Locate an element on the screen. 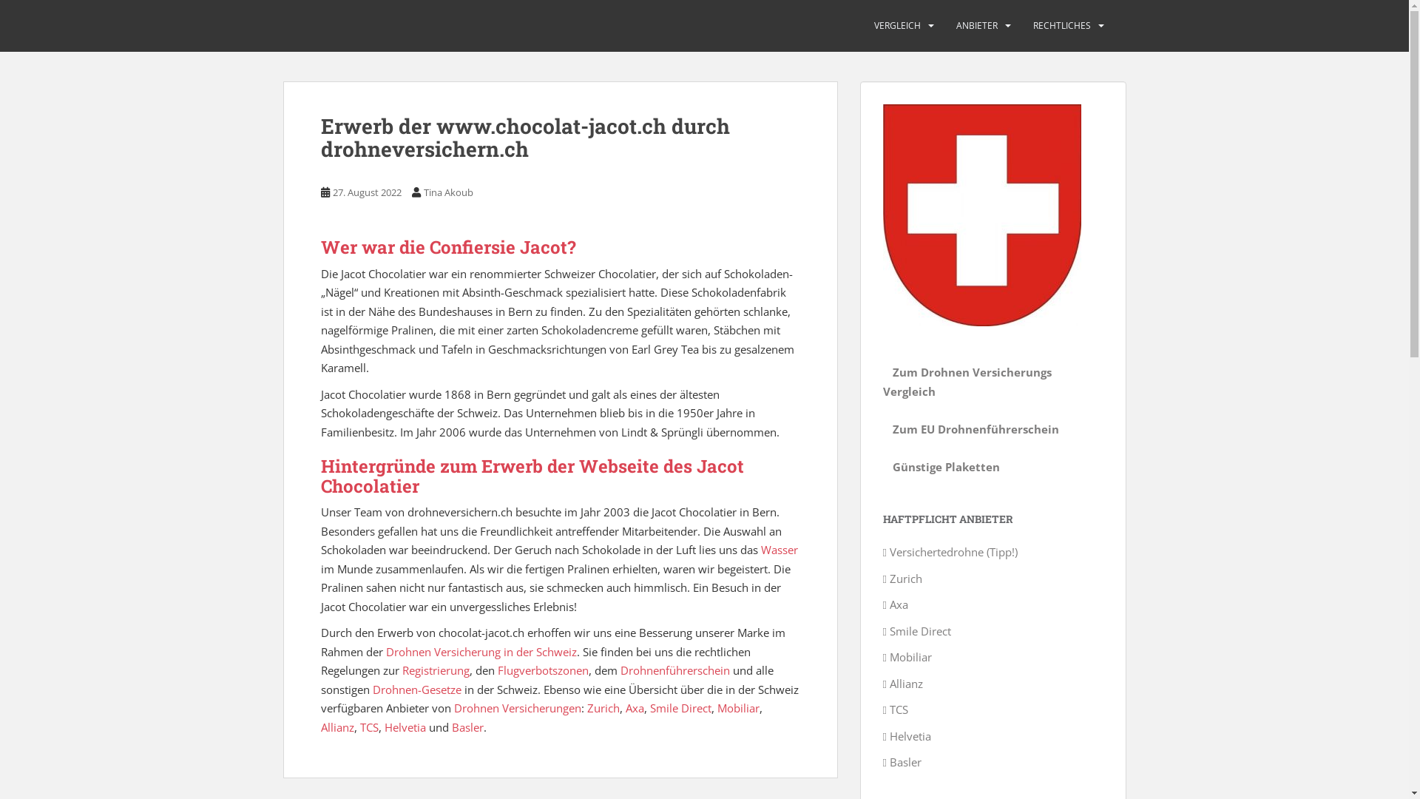  'Registrierung' is located at coordinates (435, 670).